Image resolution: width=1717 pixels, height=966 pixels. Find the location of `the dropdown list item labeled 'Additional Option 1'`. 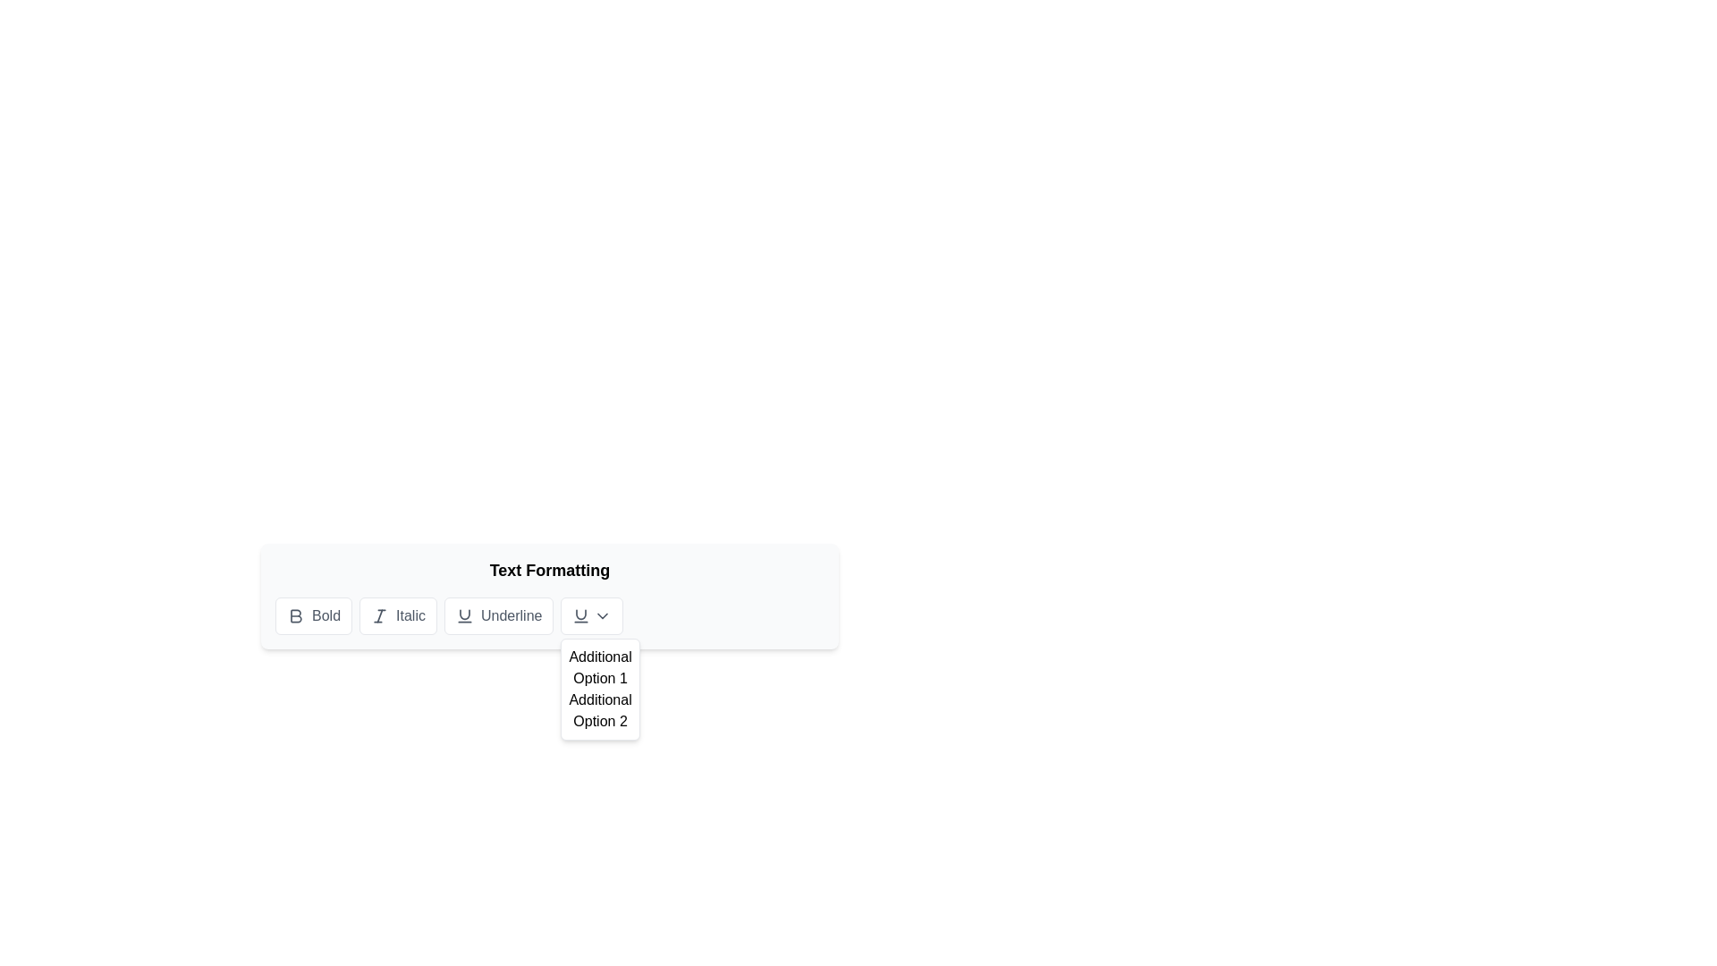

the dropdown list item labeled 'Additional Option 1' is located at coordinates (600, 668).